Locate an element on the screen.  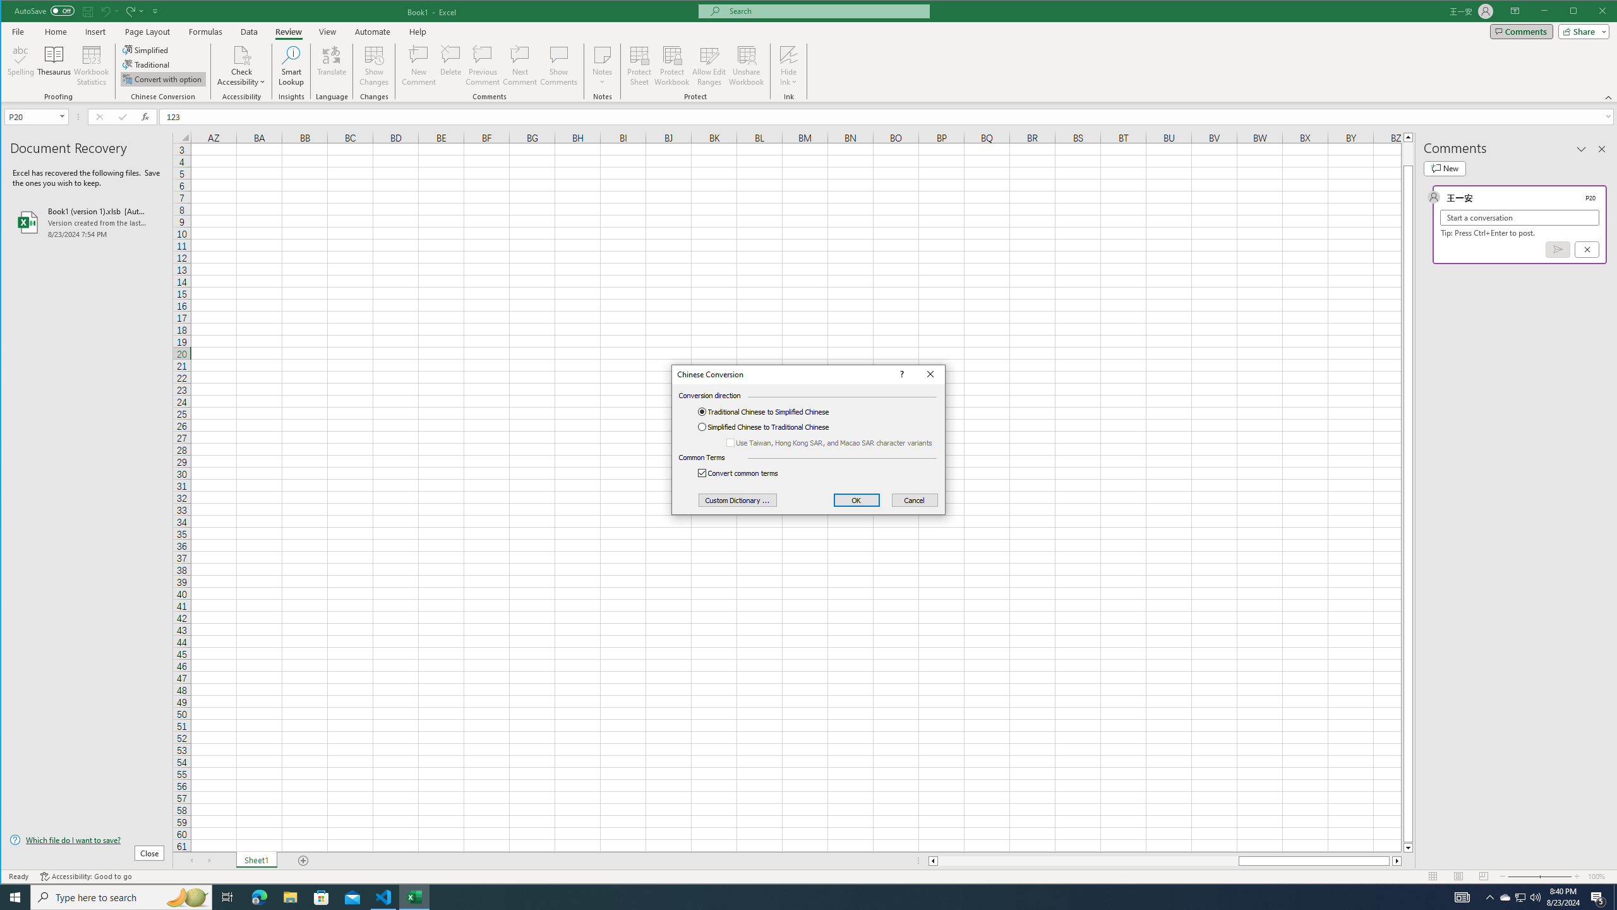
'Use Taiwan, Hong Kong SAR, and Macao SAR character variants' is located at coordinates (831, 442).